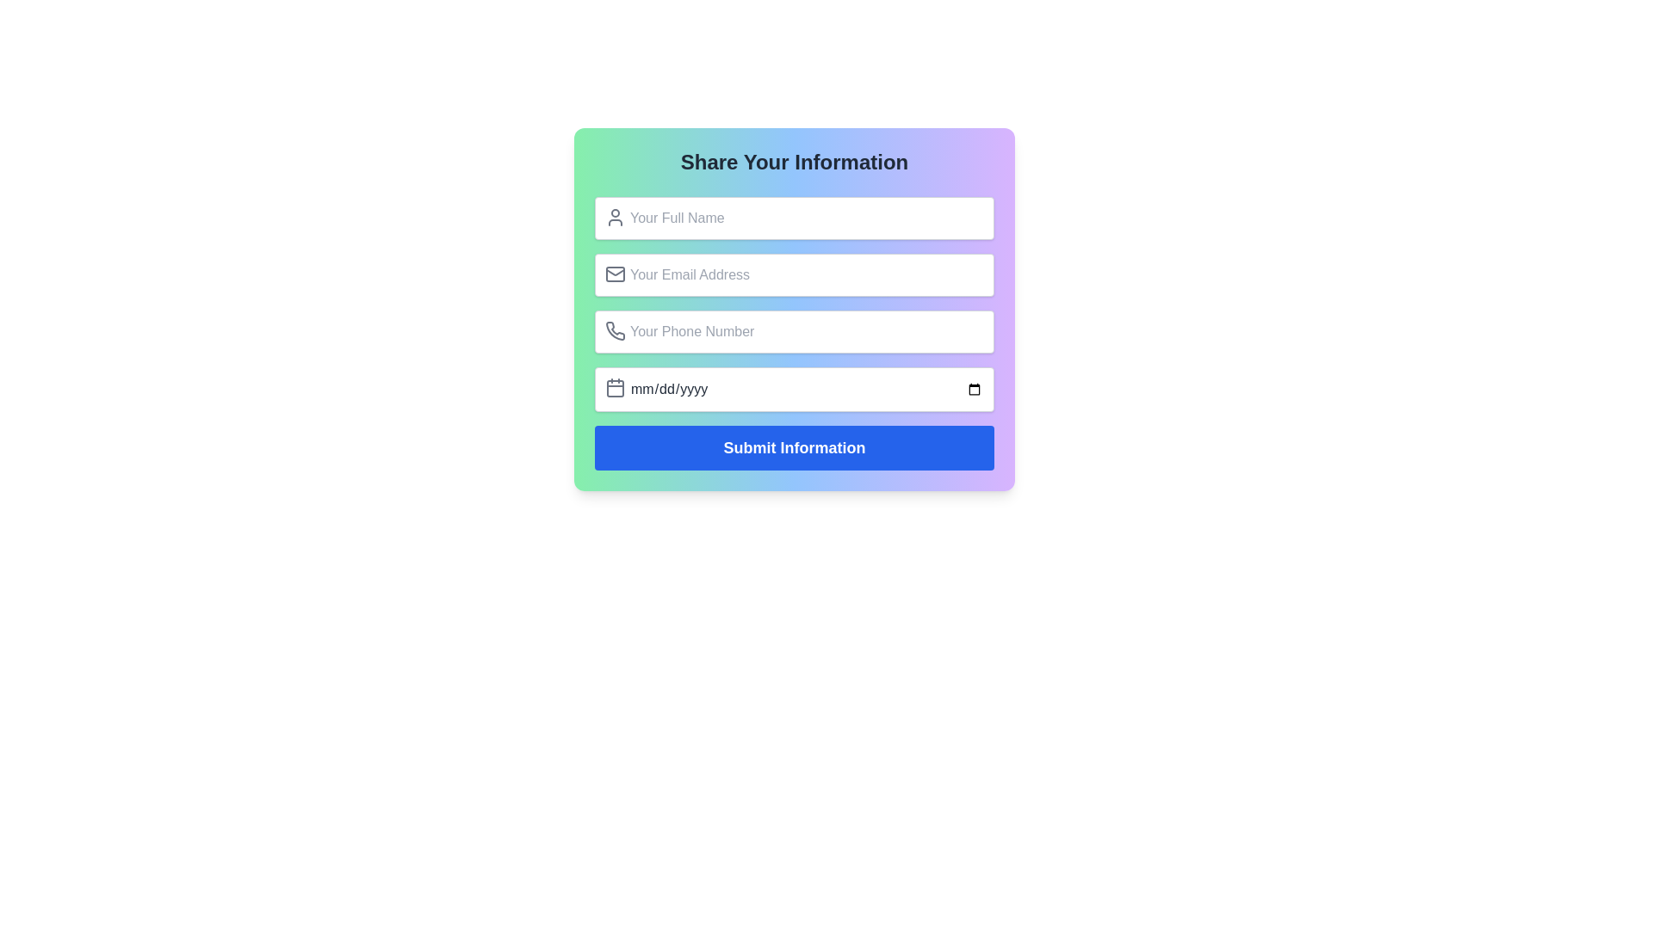  Describe the element at coordinates (616, 217) in the screenshot. I see `the Decorative Icon that resembles a user silhouette, which is located to the left of the placeholder text 'Your Full Name'` at that location.